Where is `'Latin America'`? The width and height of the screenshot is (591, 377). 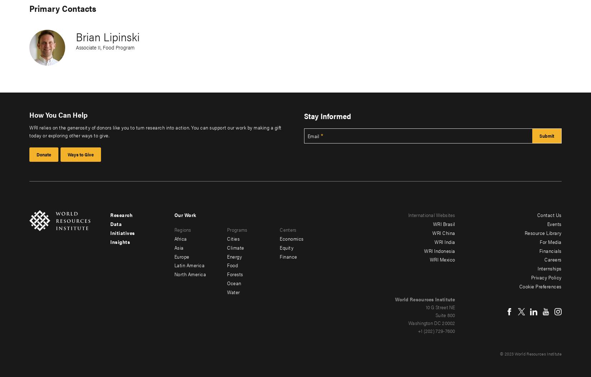 'Latin America' is located at coordinates (173, 265).